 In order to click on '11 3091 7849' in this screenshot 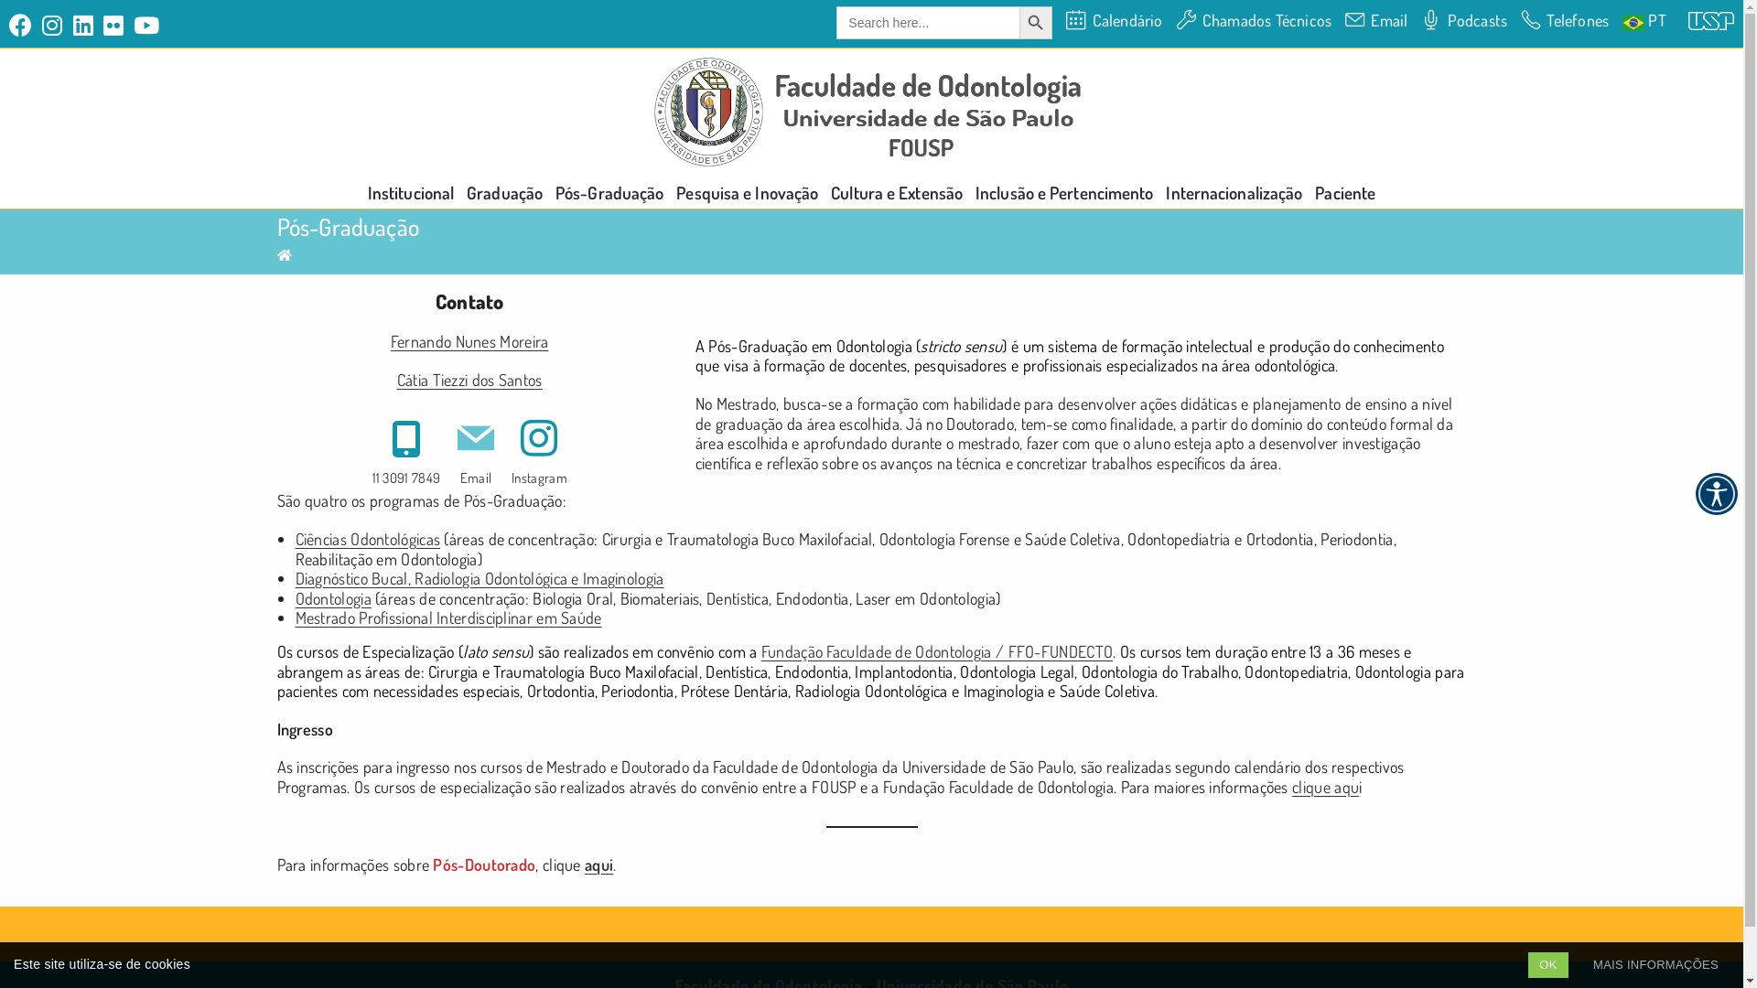, I will do `click(405, 449)`.